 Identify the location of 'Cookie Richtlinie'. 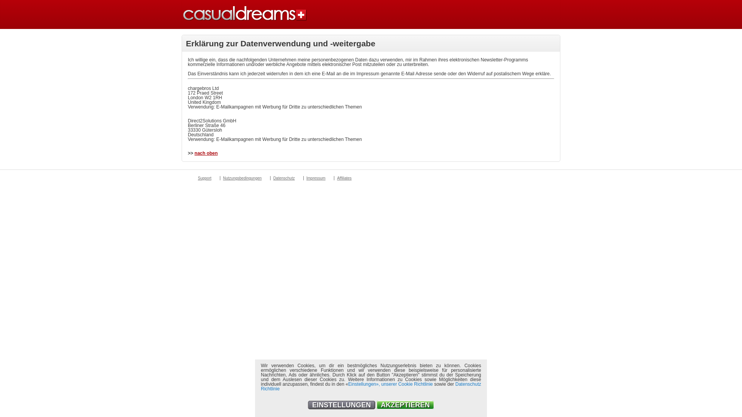
(415, 384).